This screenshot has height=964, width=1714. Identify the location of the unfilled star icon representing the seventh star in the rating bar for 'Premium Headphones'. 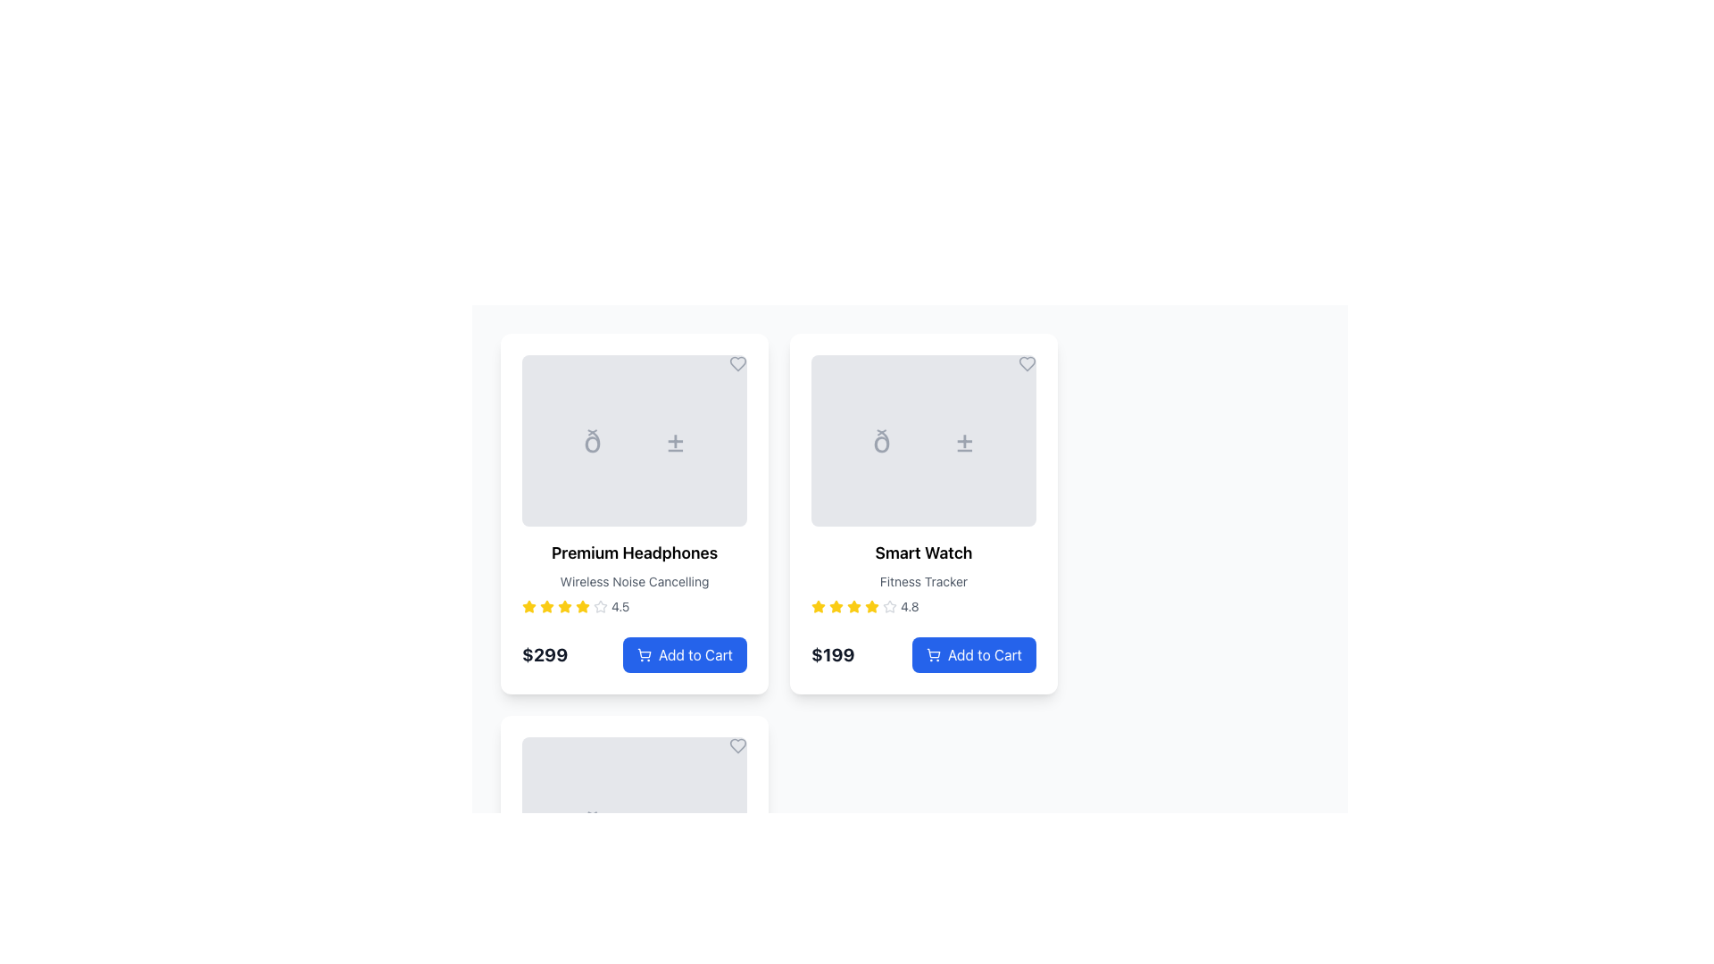
(600, 605).